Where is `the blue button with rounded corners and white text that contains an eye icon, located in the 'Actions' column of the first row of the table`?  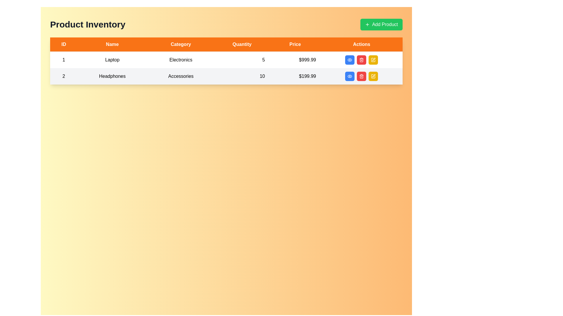 the blue button with rounded corners and white text that contains an eye icon, located in the 'Actions' column of the first row of the table is located at coordinates (350, 60).